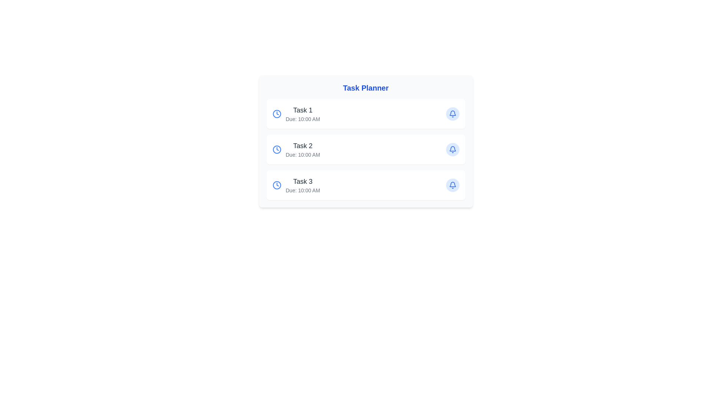 Image resolution: width=712 pixels, height=401 pixels. I want to click on the task display item in the third row of the 'Task Planner', so click(296, 185).